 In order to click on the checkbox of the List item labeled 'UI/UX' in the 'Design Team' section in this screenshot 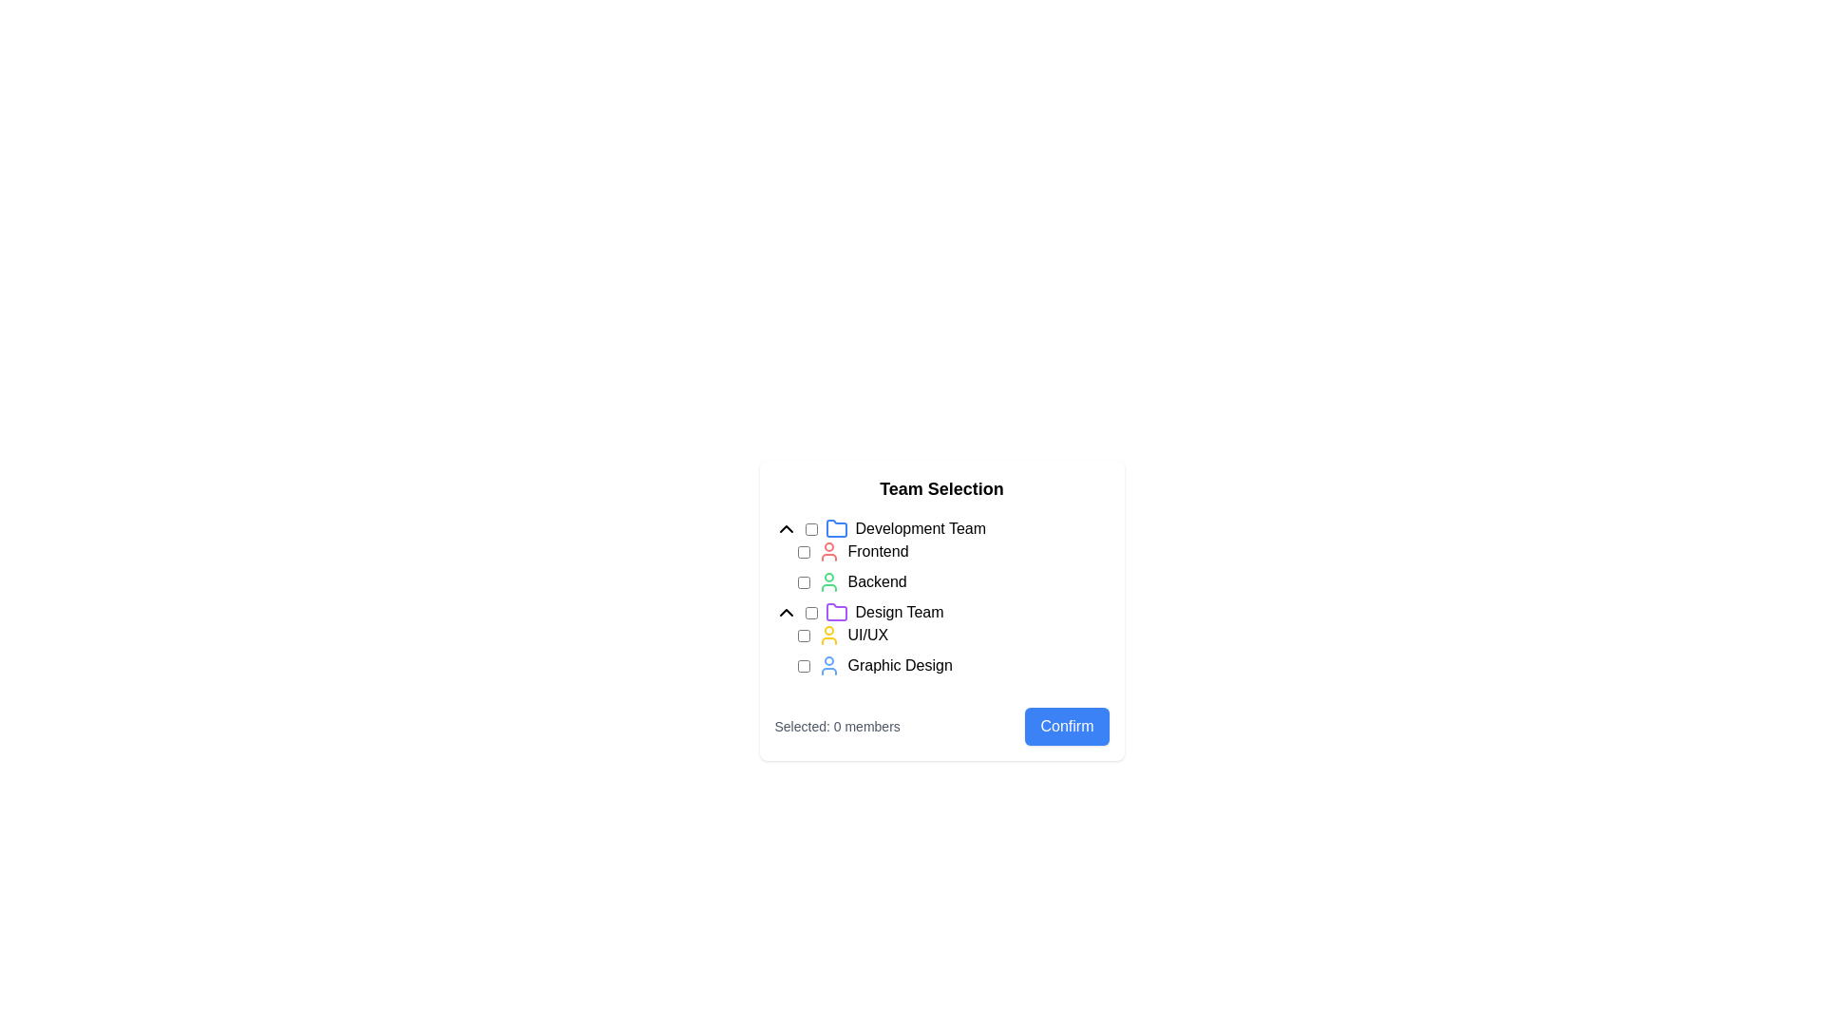, I will do `click(941, 650)`.